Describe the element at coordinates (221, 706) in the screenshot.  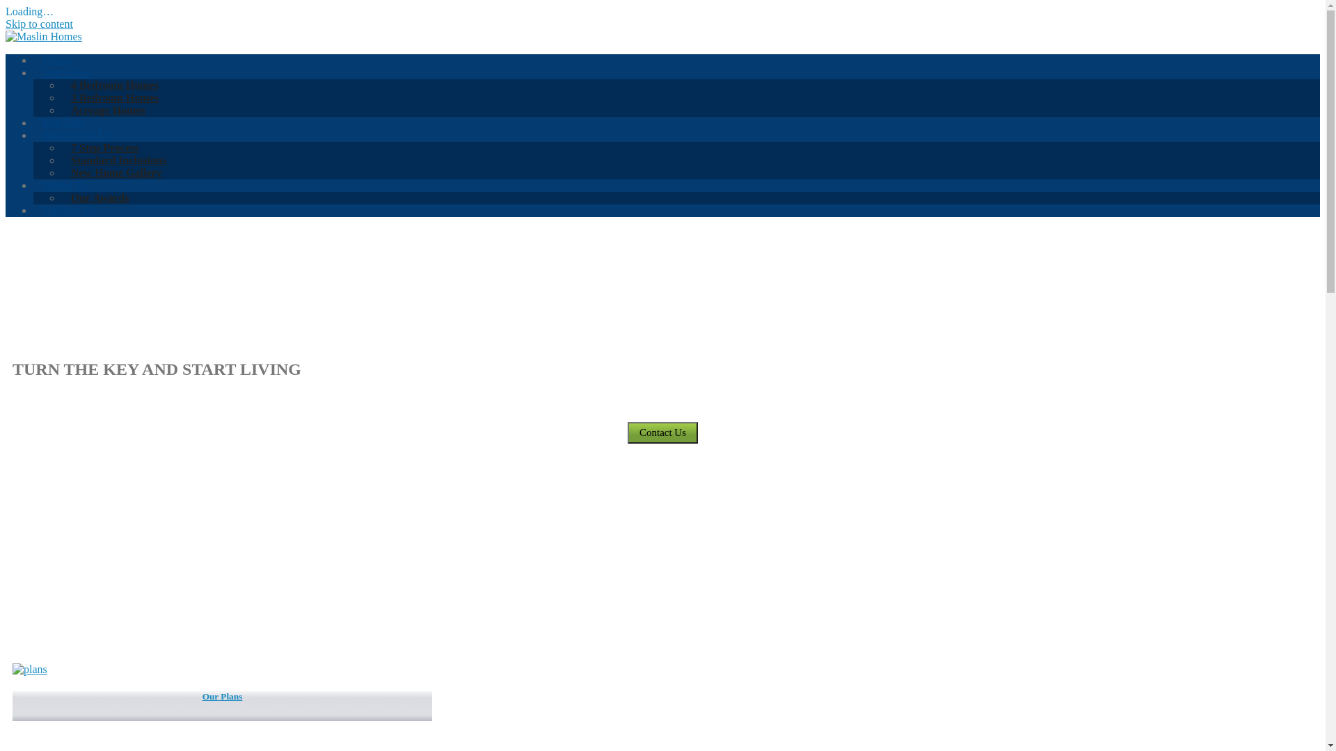
I see `'Our Plans'` at that location.